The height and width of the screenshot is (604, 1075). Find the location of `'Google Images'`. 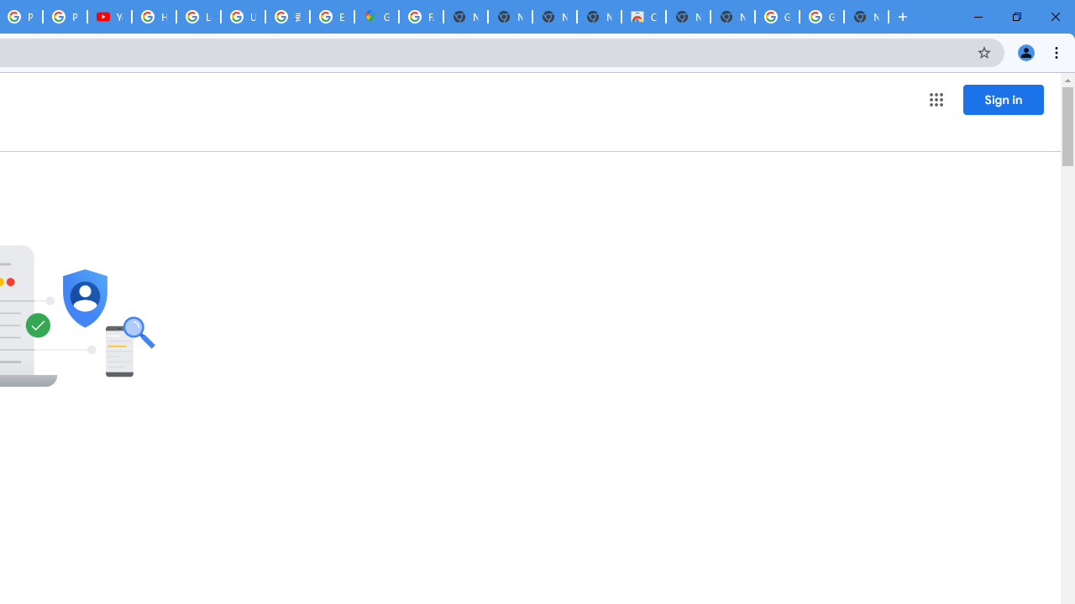

'Google Images' is located at coordinates (776, 17).